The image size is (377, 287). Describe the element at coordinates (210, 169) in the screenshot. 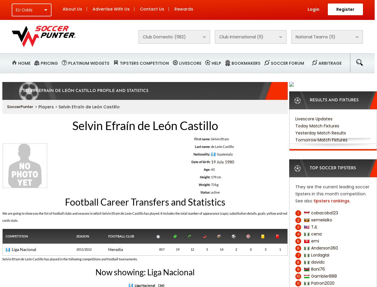

I see `'43'` at that location.